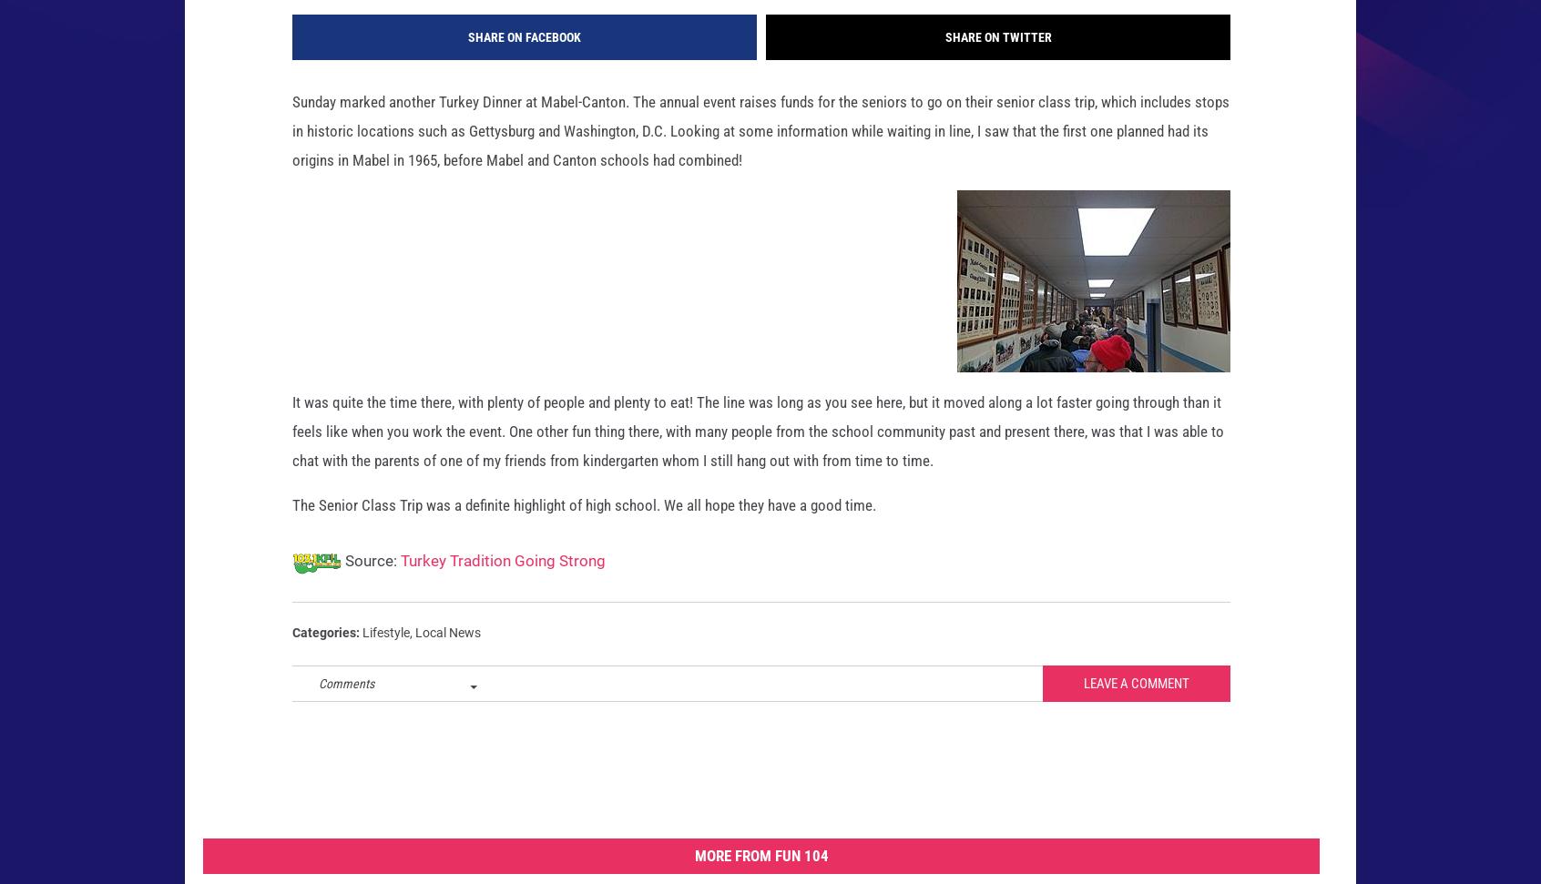 Image resolution: width=1541 pixels, height=884 pixels. Describe the element at coordinates (758, 459) in the screenshot. I see `'It was quite the time there, with plenty of people and plenty to eat! The line was long as you see here, but it moved along a lot faster going through than it feels like when you work the event. One other fun thing there, with many people from the school community past and present there, was that I was able to chat with the parents of one of my friends from kindergarten whom I still hang out with from time to time.'` at that location.